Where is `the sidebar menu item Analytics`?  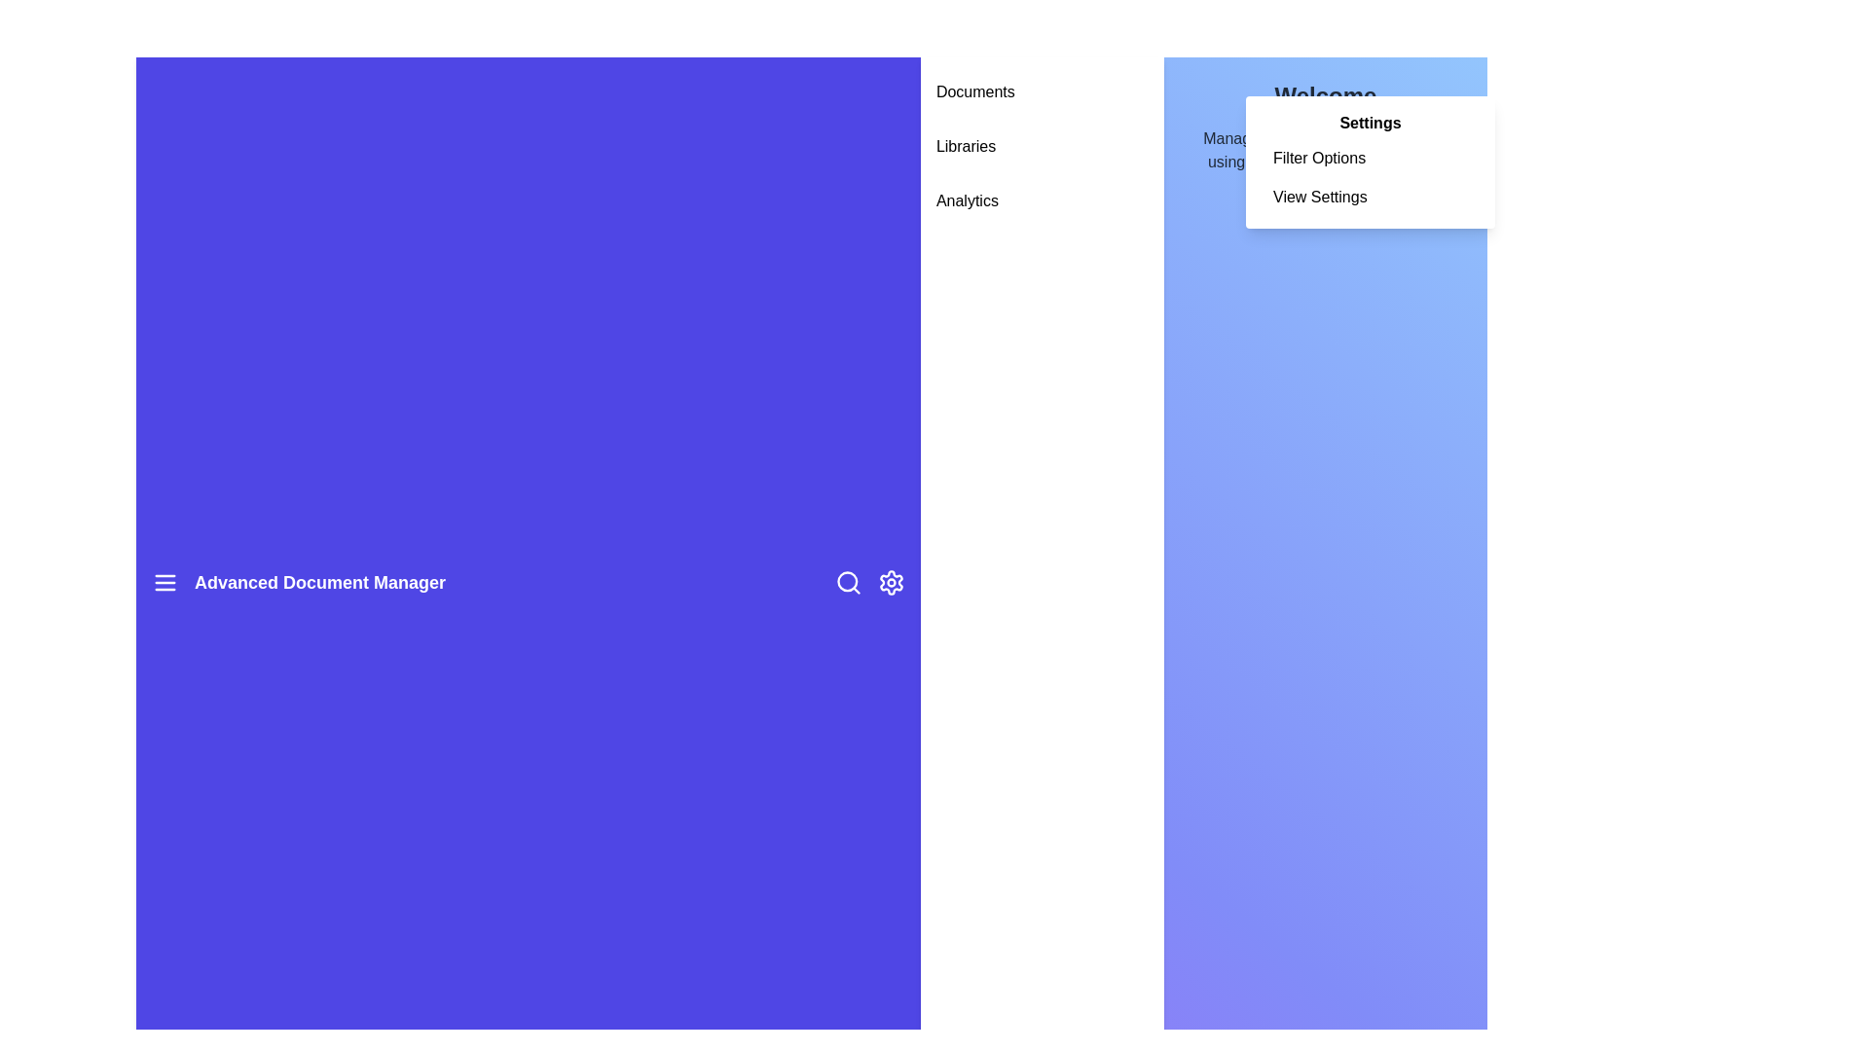
the sidebar menu item Analytics is located at coordinates (1041, 201).